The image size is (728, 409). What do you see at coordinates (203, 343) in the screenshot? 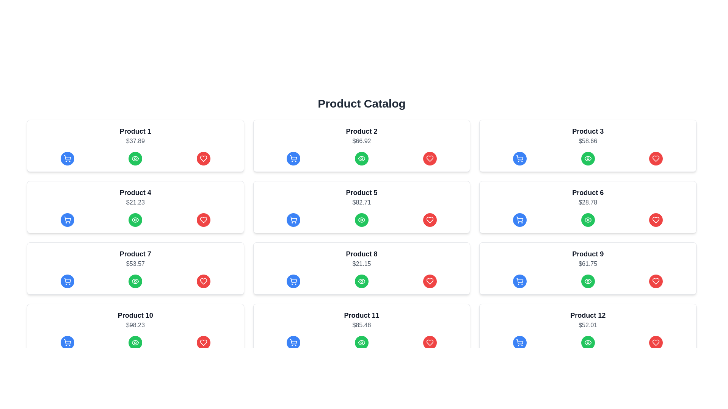
I see `the circular red button with a white heart icon located in the third row of buttons beneath the 'Product Catalog' heading, specifically the third button associated with 'Product 10'` at bounding box center [203, 343].